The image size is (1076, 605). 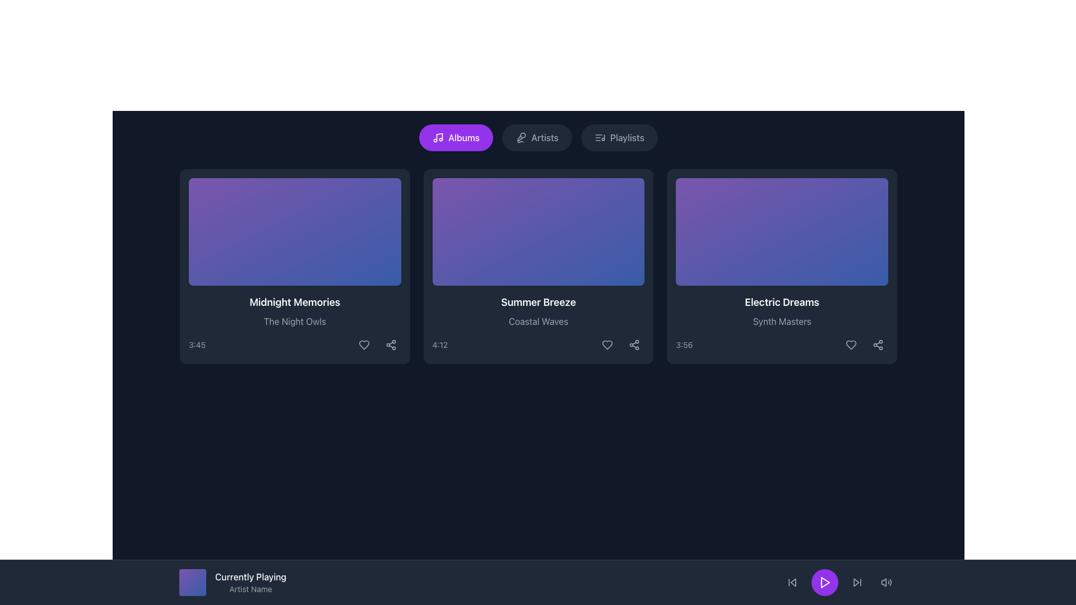 What do you see at coordinates (781, 231) in the screenshot?
I see `the interactive overlay of the 'Electric Dreams' media item card, which is the third card in a horizontal grid, to play or preview the content` at bounding box center [781, 231].